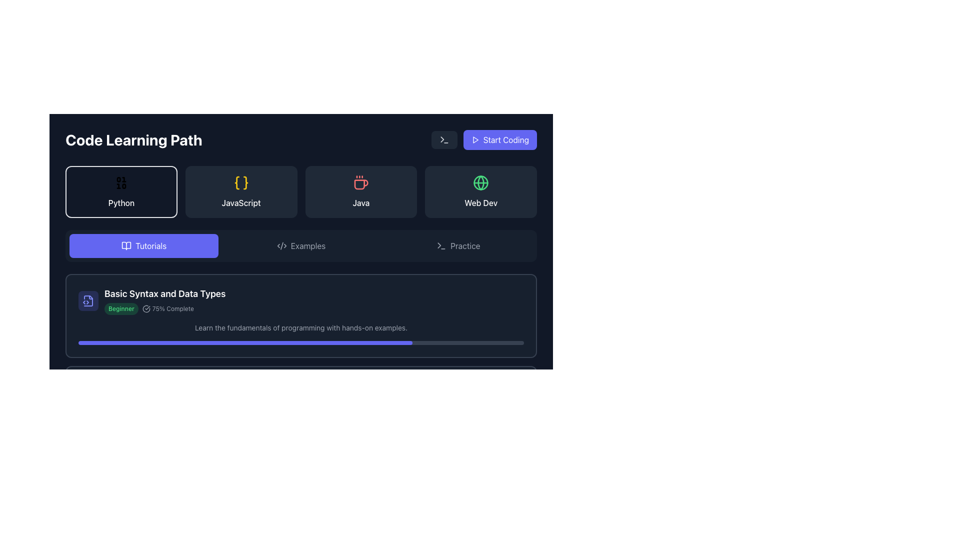 Image resolution: width=960 pixels, height=540 pixels. What do you see at coordinates (241, 202) in the screenshot?
I see `the non-interactive text label that identifies 'JavaScript' as a programming language option, located in the second slot from the left in the horizontal grid of programming languages` at bounding box center [241, 202].